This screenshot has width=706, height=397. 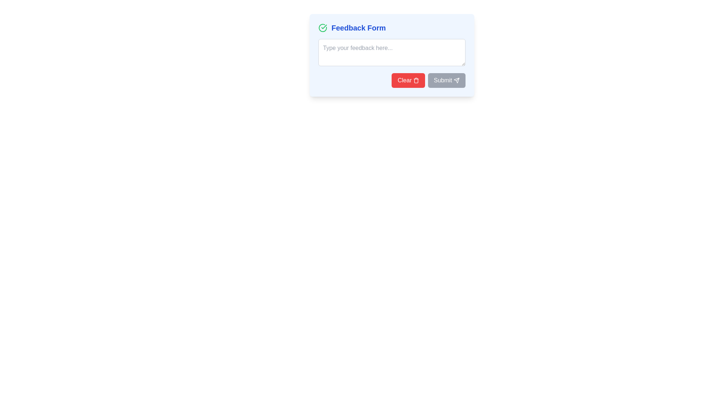 What do you see at coordinates (391, 81) in the screenshot?
I see `the red 'Clear' button with rounded corners that has white text and a trash can icon, located to the left of the grey 'Submit' button` at bounding box center [391, 81].